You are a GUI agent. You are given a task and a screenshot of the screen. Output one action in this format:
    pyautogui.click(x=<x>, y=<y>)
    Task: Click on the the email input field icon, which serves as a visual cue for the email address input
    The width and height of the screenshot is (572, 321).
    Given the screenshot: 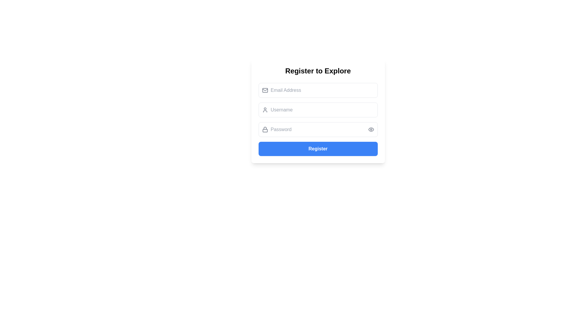 What is the action you would take?
    pyautogui.click(x=265, y=90)
    